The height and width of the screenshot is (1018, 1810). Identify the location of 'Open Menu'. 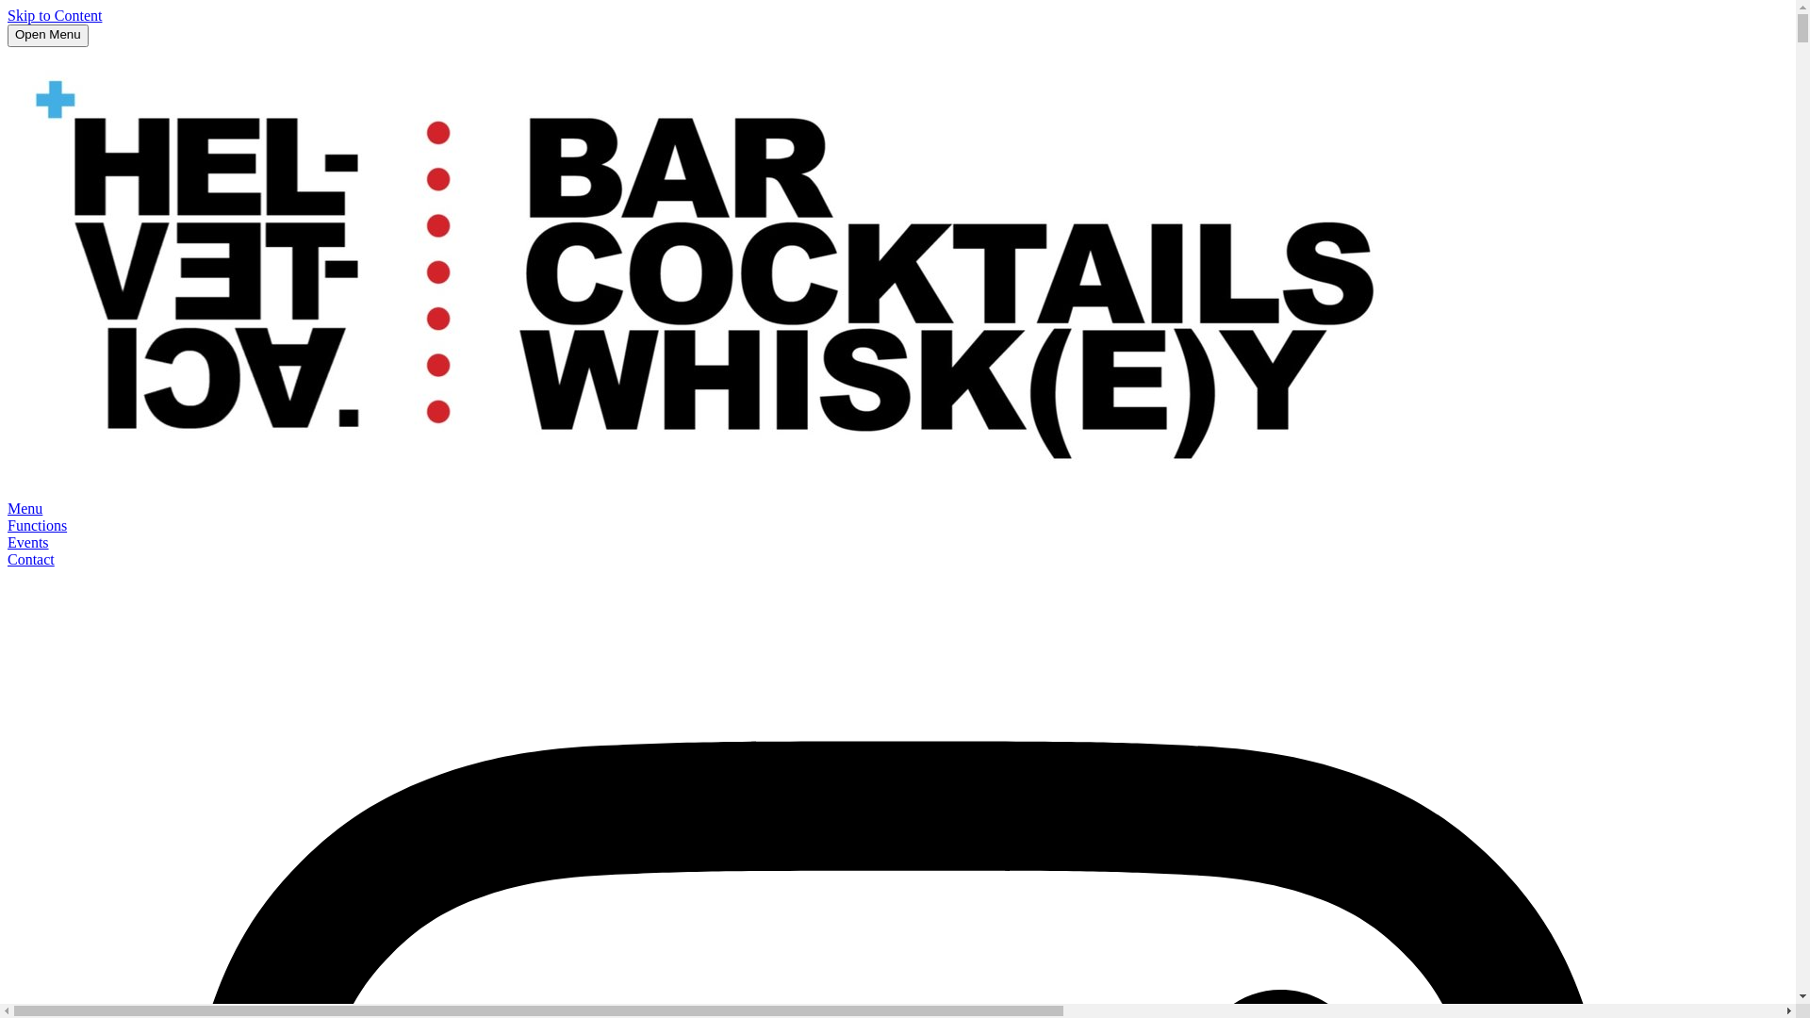
(48, 36).